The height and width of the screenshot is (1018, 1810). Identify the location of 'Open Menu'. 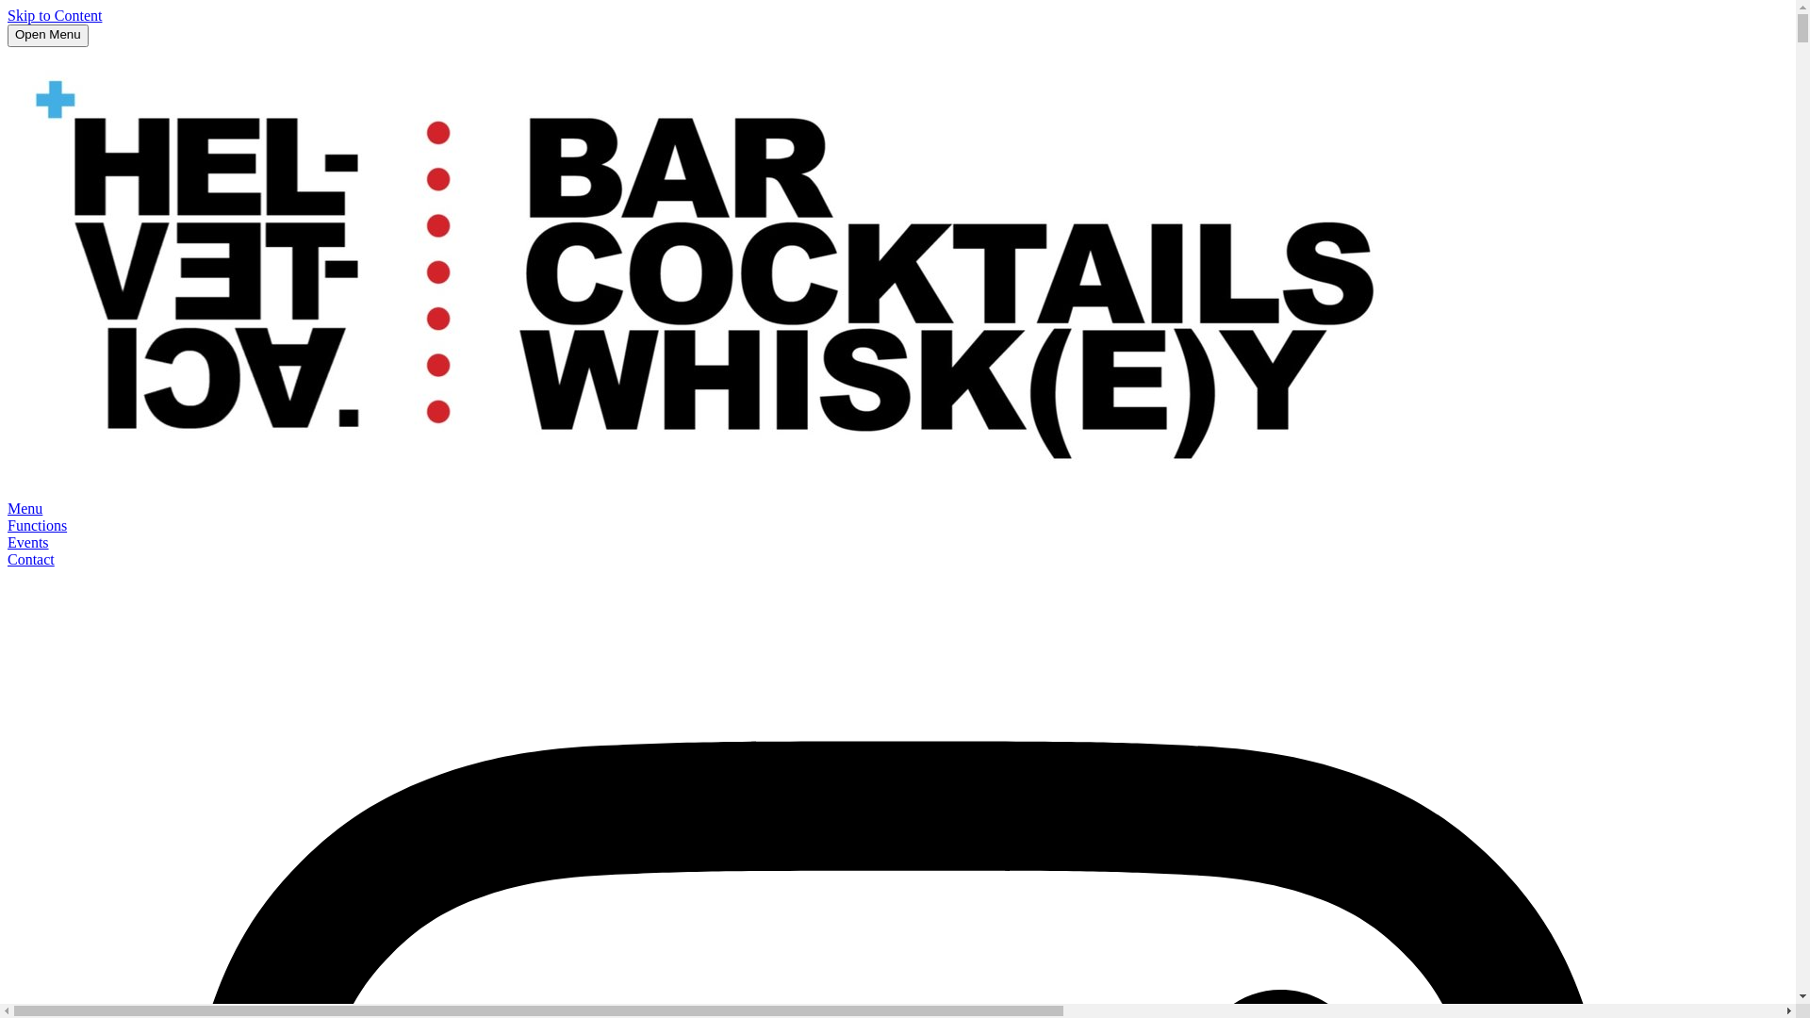
(48, 36).